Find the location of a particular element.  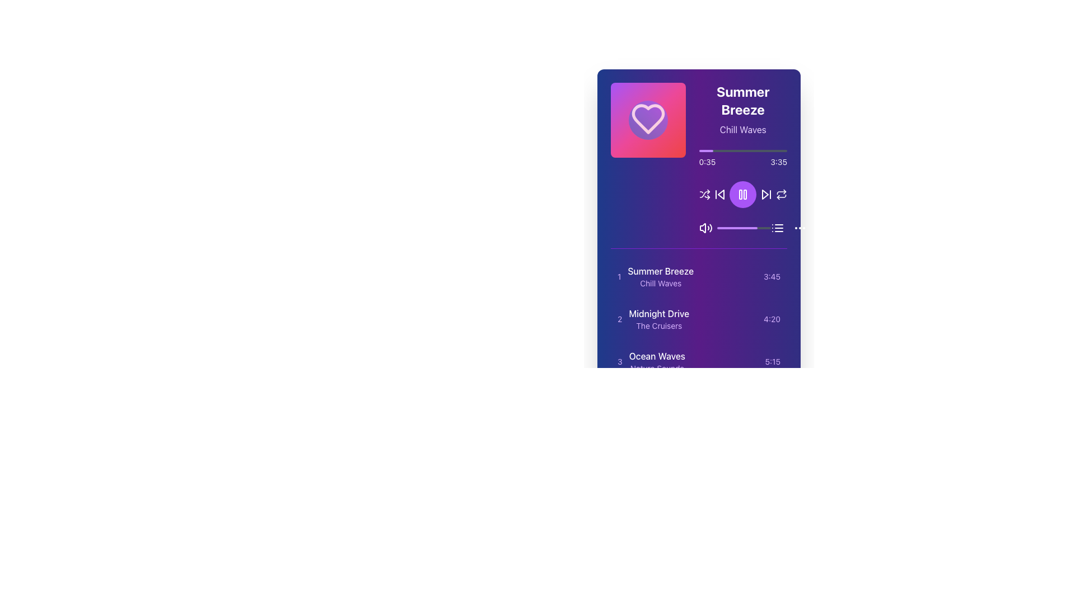

text label displaying 'Summer Breeze' and 'Chill Waves' in the playlist section, which is the first item below the main playback controls is located at coordinates (661, 276).